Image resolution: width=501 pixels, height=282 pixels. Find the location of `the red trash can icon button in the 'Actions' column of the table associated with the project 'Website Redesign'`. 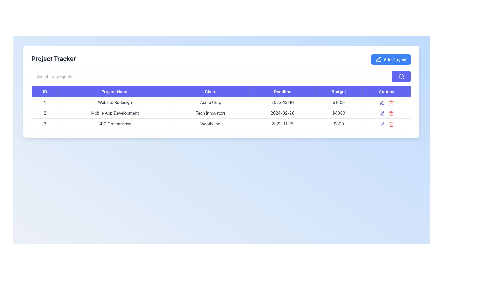

the red trash can icon button in the 'Actions' column of the table associated with the project 'Website Redesign' is located at coordinates (391, 102).